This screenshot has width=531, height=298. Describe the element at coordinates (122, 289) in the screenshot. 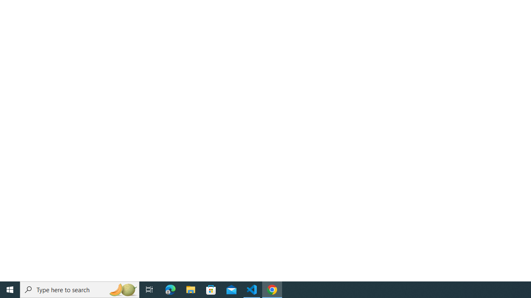

I see `'Search highlights icon opens search home window'` at that location.